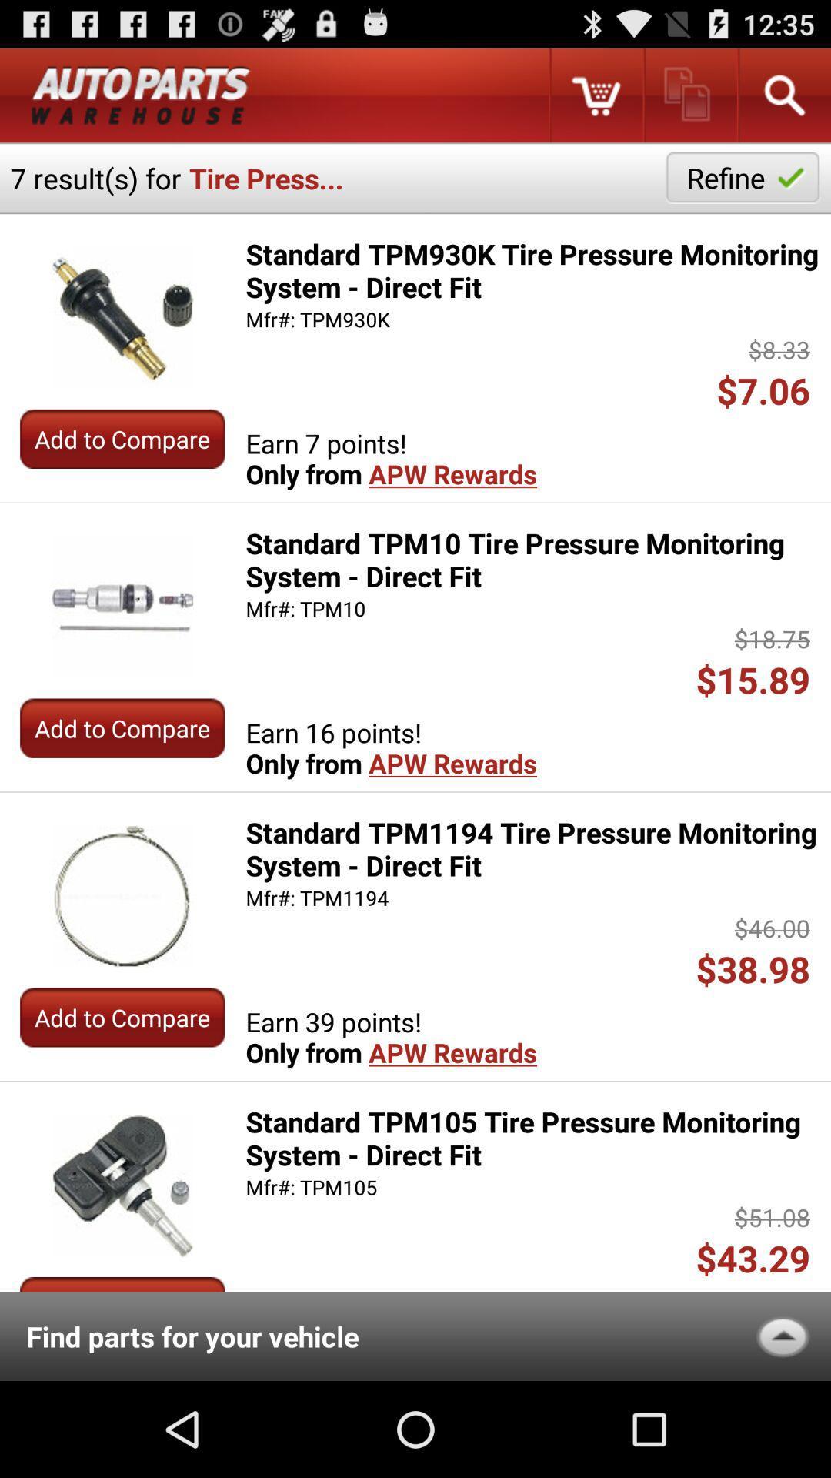 The height and width of the screenshot is (1478, 831). What do you see at coordinates (783, 95) in the screenshot?
I see `search auto parts` at bounding box center [783, 95].